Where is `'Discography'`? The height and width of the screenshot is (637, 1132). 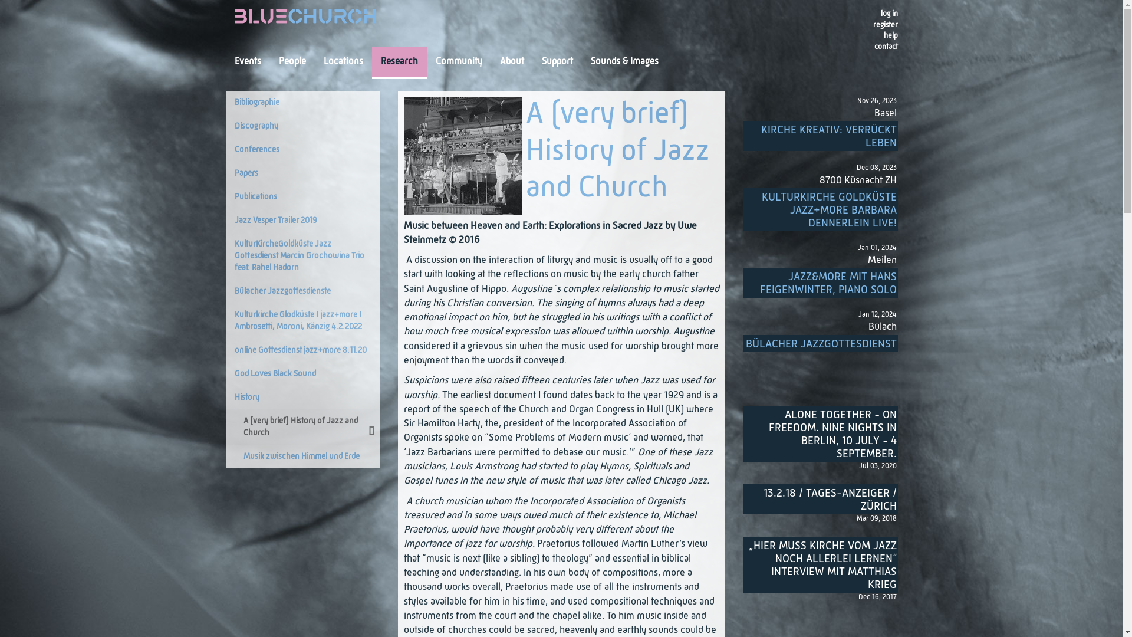 'Discography' is located at coordinates (302, 126).